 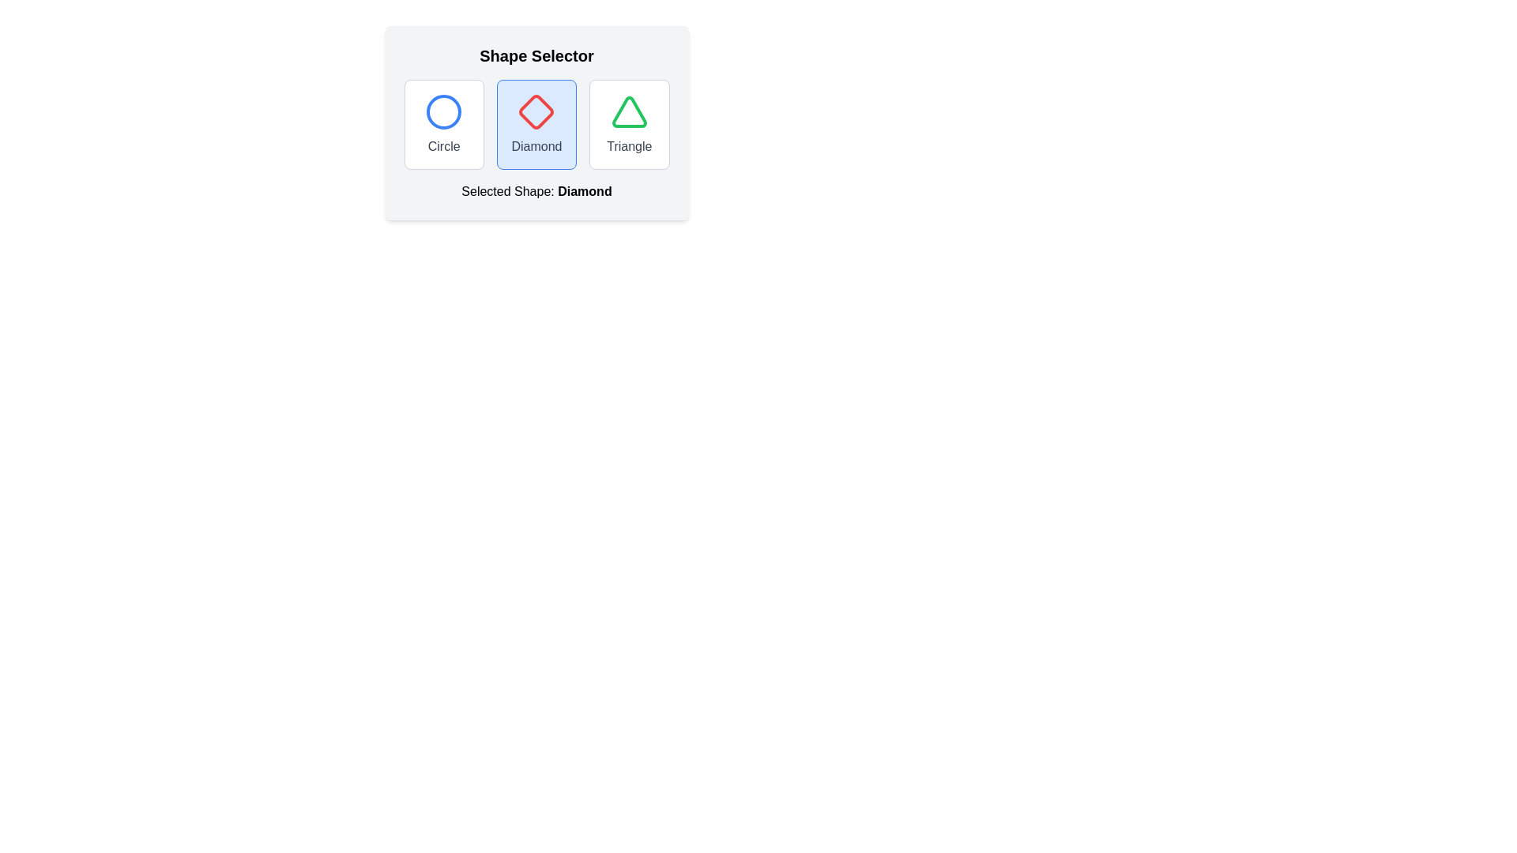 What do you see at coordinates (536, 111) in the screenshot?
I see `the diamond-shaped icon within the 'Diamond' button, which is the second option in the shape selector interface` at bounding box center [536, 111].